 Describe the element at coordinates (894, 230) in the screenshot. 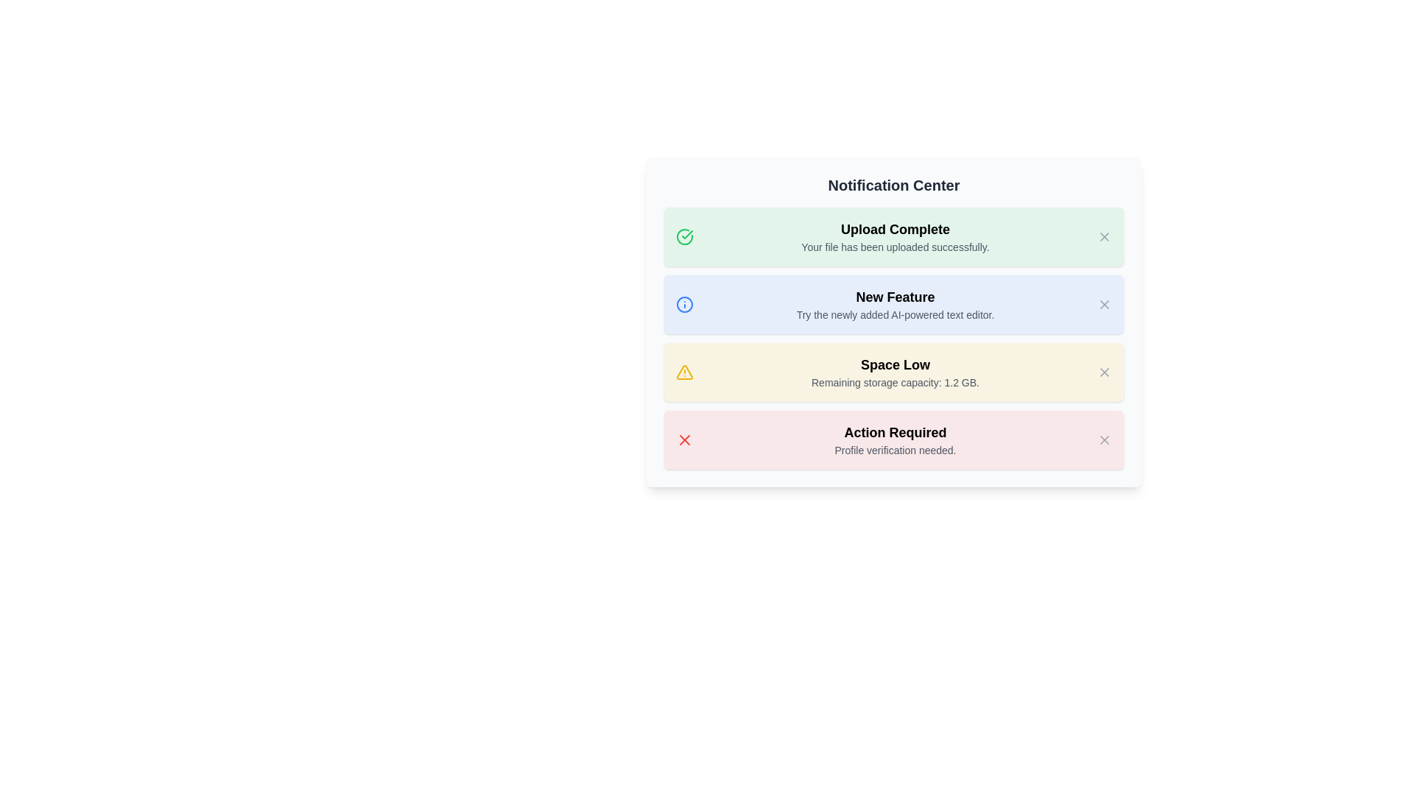

I see `heading text label in the notification card that indicates the completion of an upload operation, located at the top segment of the 'Notification Center'` at that location.